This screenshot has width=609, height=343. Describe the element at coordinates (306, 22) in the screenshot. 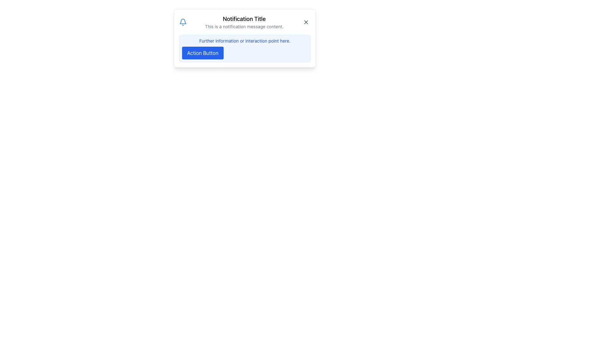

I see `the dismissal button located at the top-right corner of the notification` at that location.